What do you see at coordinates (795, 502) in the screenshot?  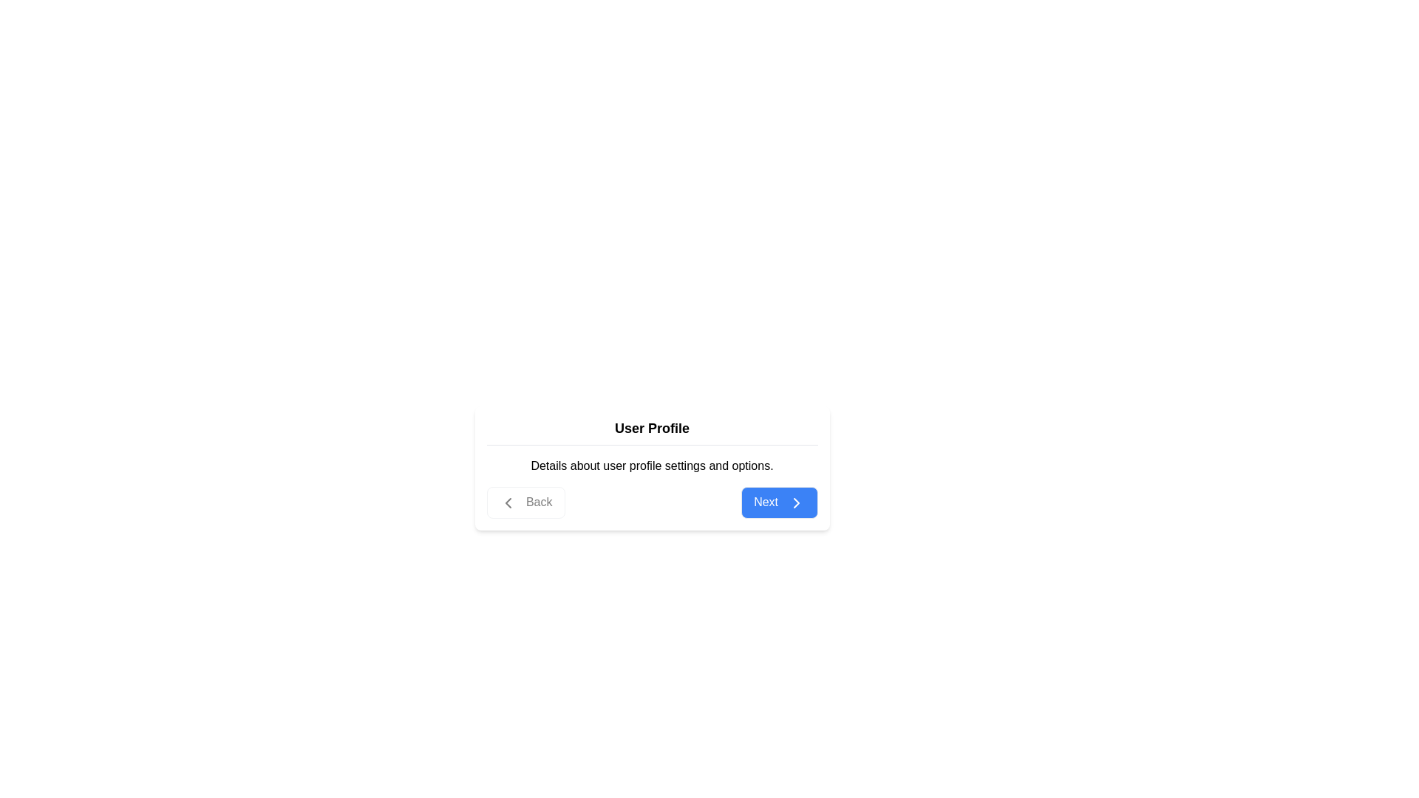 I see `the right-pointing arrow icon located inside the 'Next' button at the bottom right of the card` at bounding box center [795, 502].